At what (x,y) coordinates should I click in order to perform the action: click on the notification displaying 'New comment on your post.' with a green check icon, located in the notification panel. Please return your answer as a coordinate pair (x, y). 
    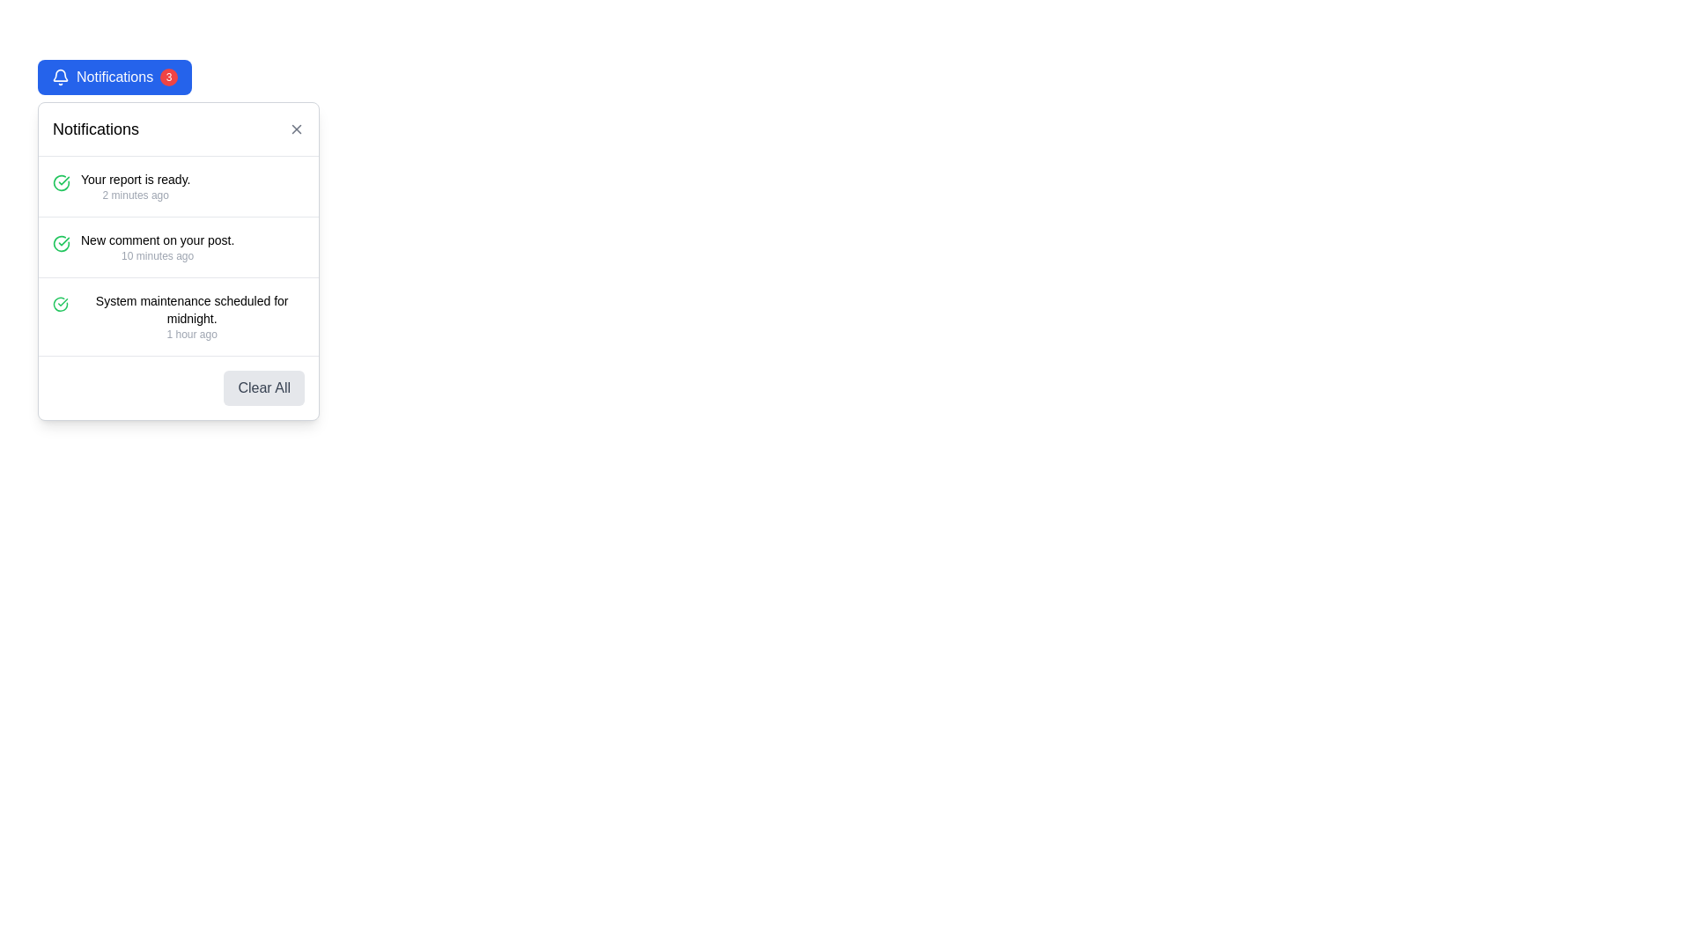
    Looking at the image, I should click on (178, 247).